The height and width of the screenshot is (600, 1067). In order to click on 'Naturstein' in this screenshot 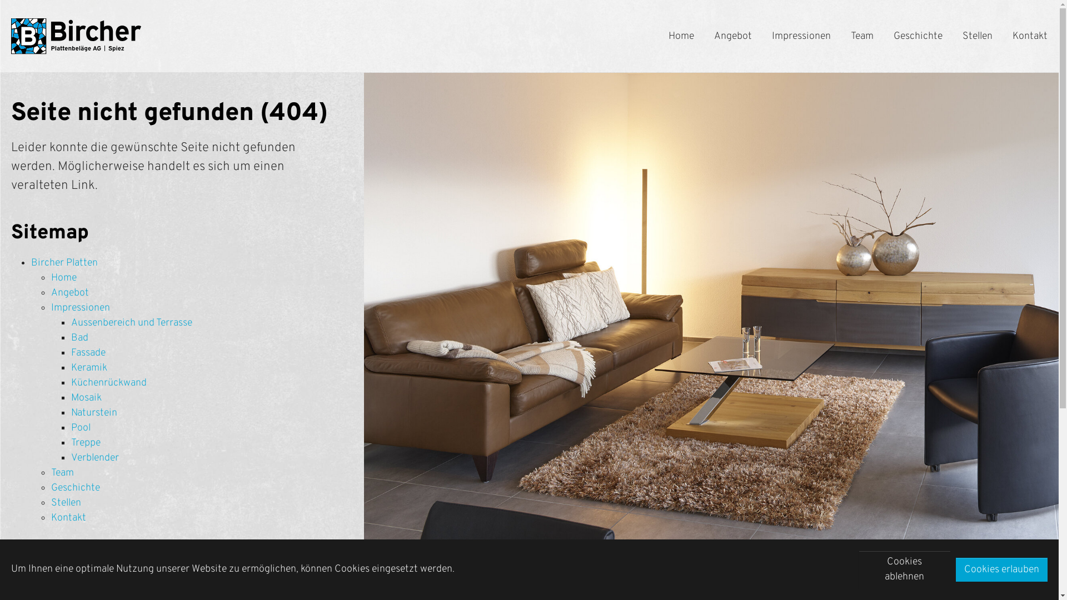, I will do `click(94, 413)`.